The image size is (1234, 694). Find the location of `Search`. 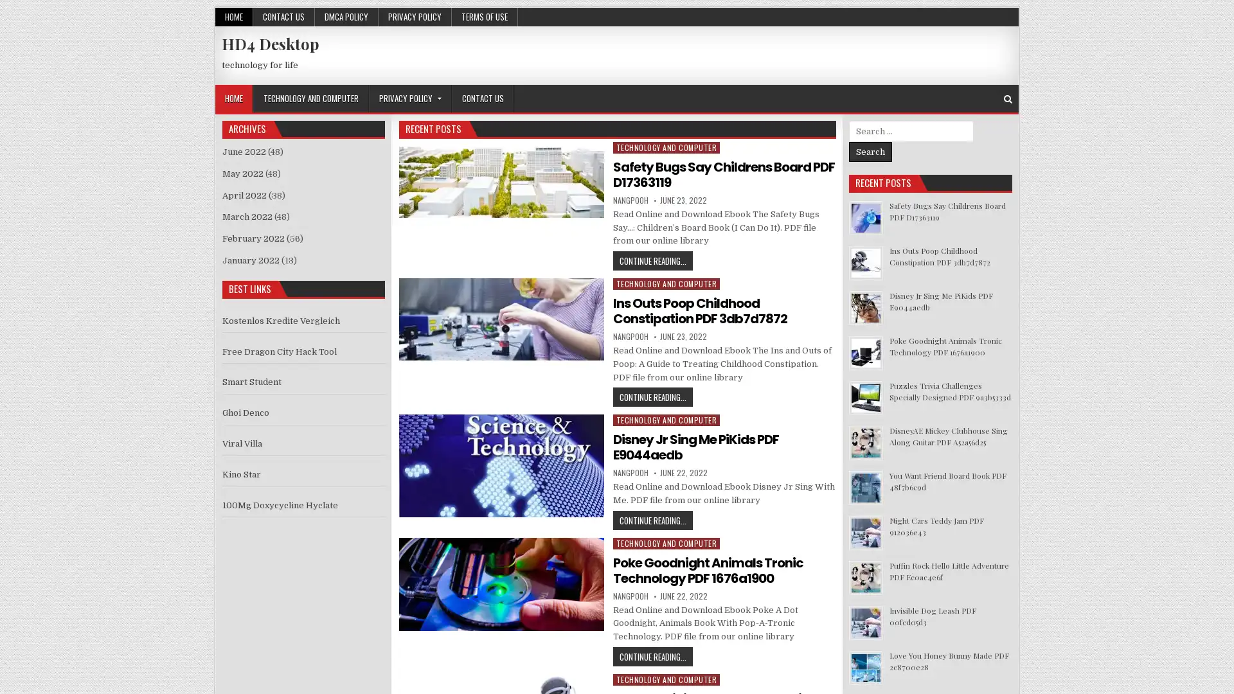

Search is located at coordinates (870, 151).